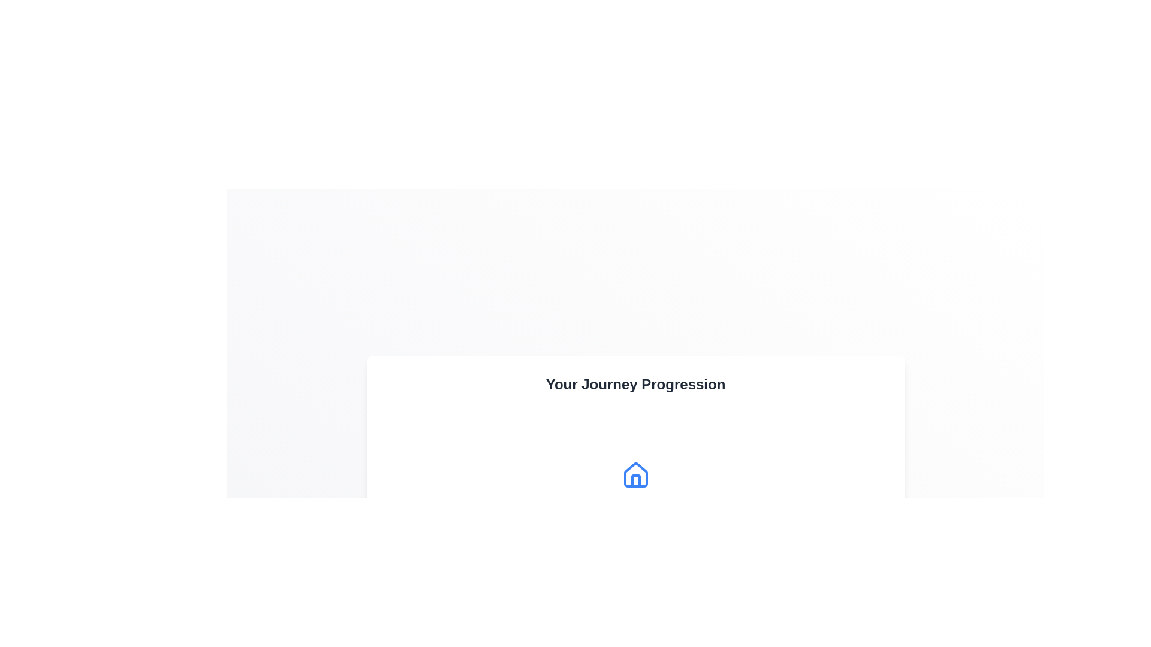 Image resolution: width=1151 pixels, height=647 pixels. I want to click on the decorative or informative icon area located within the card titled 'Your Journey Progression', so click(635, 475).